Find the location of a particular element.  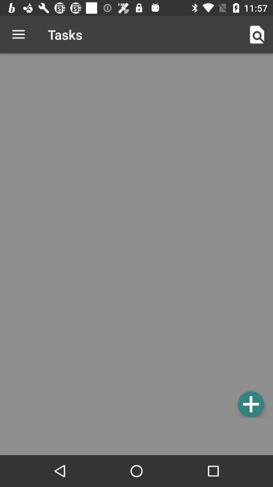

the icon at the top right corner is located at coordinates (257, 34).